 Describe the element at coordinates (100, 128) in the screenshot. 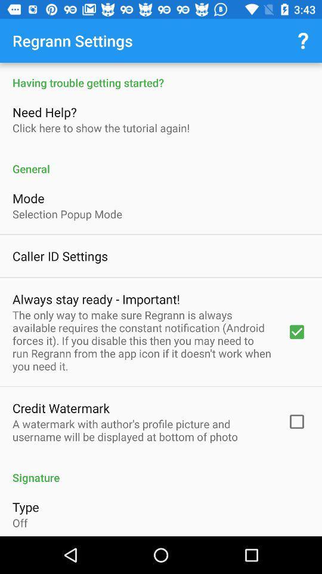

I see `the click here to item` at that location.